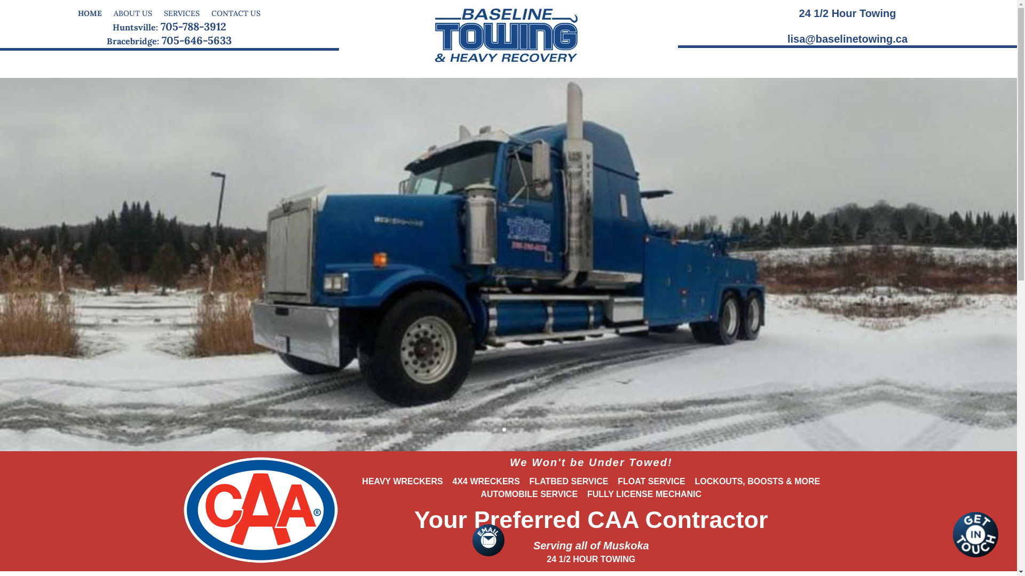 This screenshot has width=1025, height=576. I want to click on 'Huntsville: 705-788-3912', so click(113, 26).